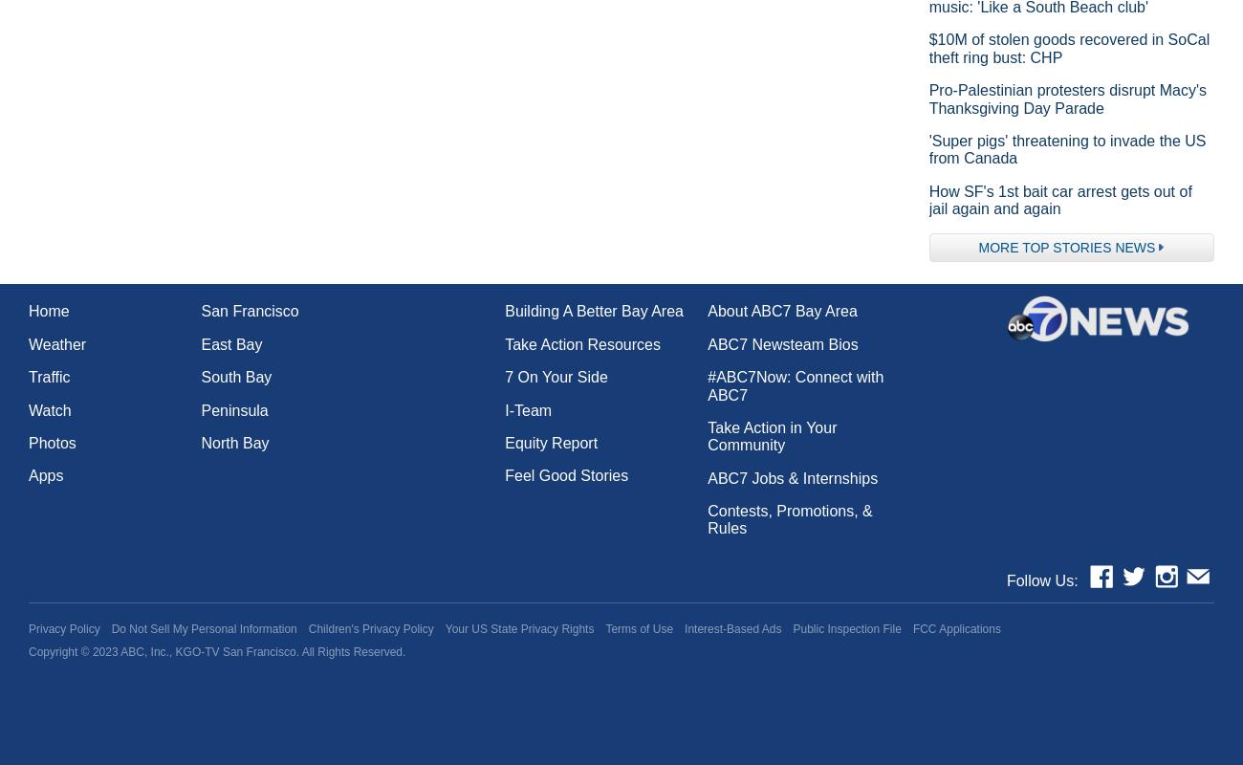 Image resolution: width=1243 pixels, height=765 pixels. Describe the element at coordinates (63, 628) in the screenshot. I see `'Privacy Policy'` at that location.